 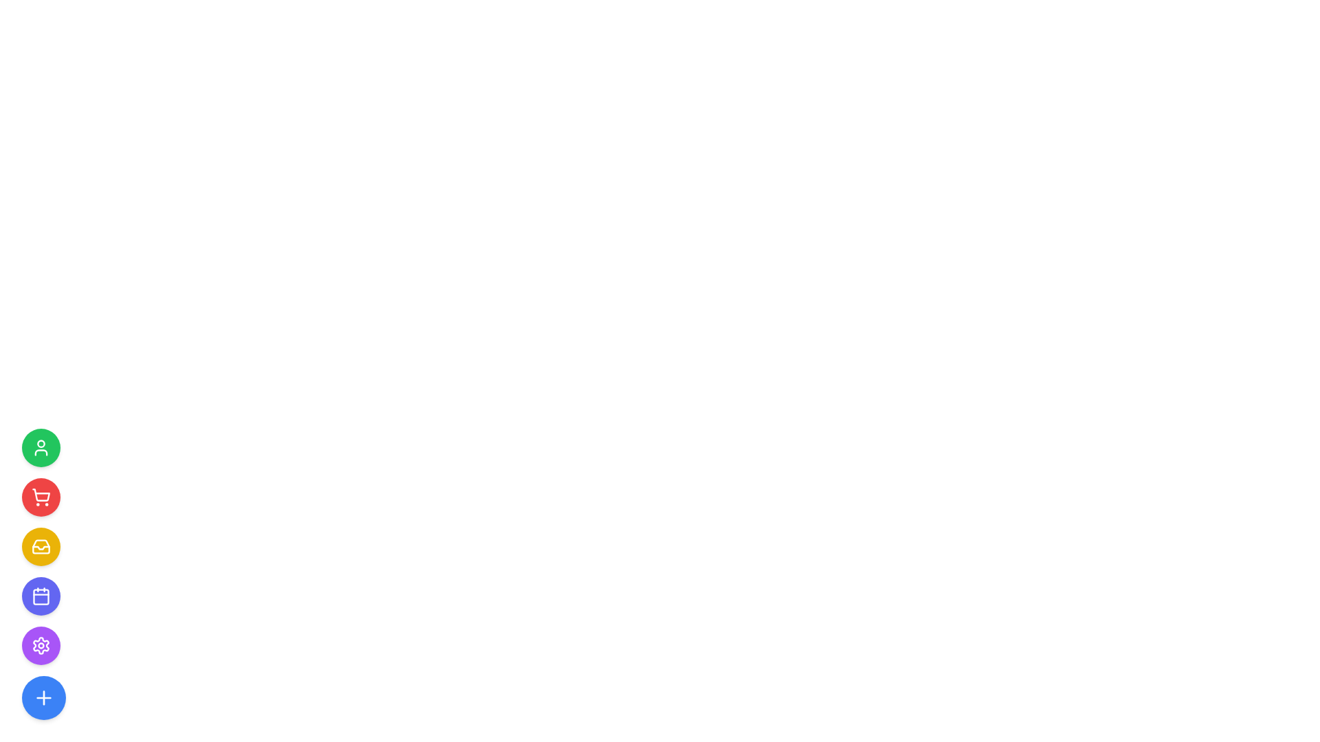 I want to click on the circular red button with a white shopping cart icon, so click(x=41, y=497).